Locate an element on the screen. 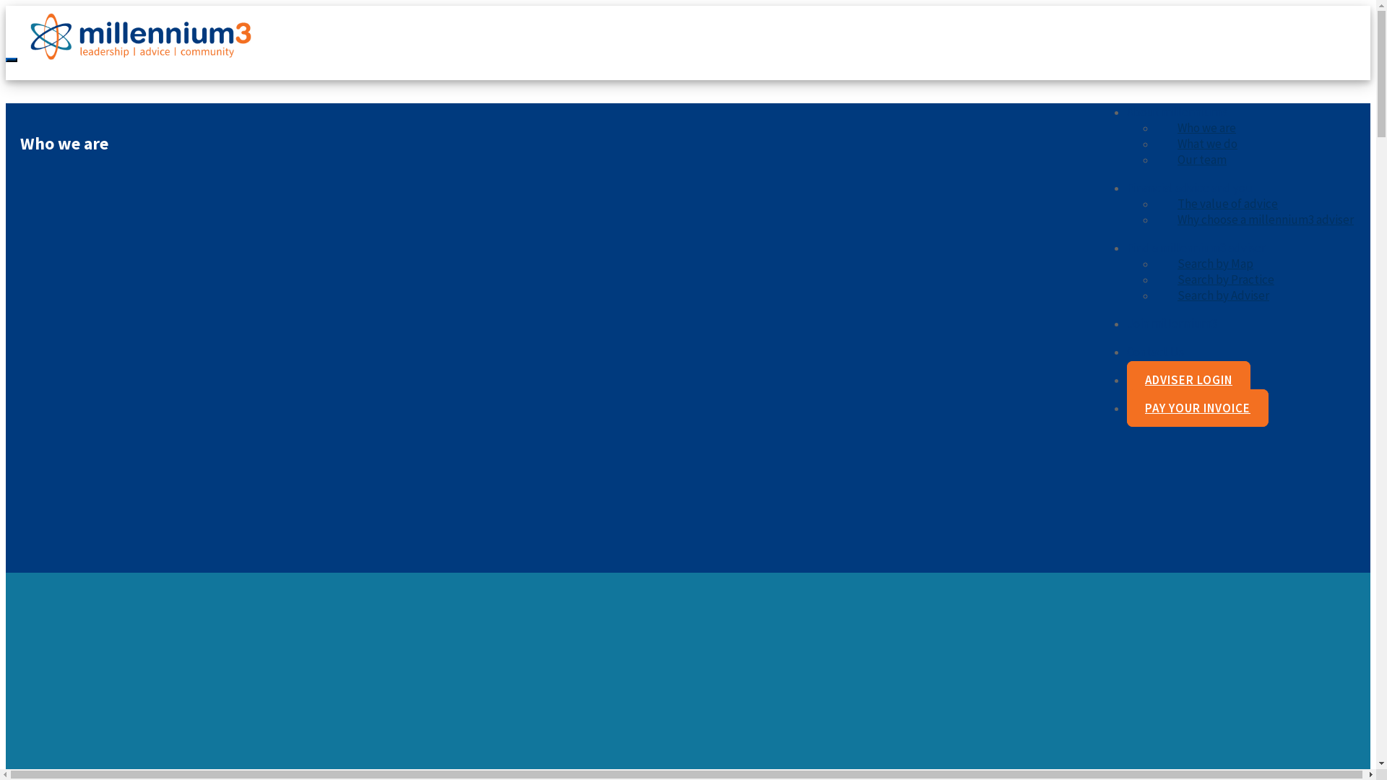 Image resolution: width=1387 pixels, height=780 pixels. 'Contact Us' is located at coordinates (1154, 351).